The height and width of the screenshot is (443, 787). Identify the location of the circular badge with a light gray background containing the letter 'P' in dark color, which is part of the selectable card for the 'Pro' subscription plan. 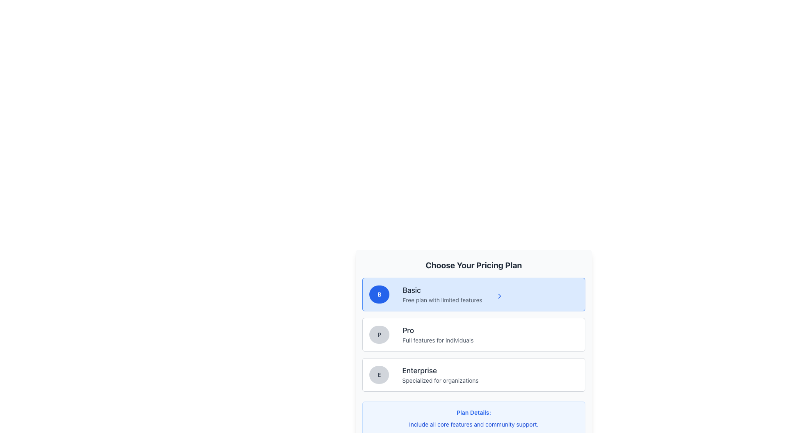
(379, 335).